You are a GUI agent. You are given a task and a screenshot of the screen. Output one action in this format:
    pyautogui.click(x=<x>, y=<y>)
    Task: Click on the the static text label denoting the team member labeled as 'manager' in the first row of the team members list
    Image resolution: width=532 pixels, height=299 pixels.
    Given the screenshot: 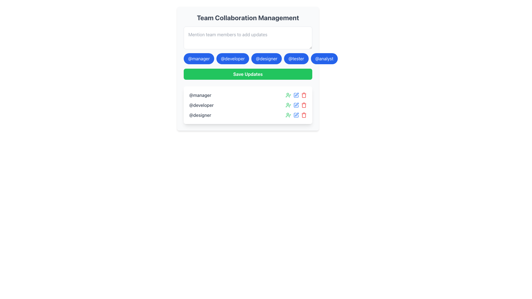 What is the action you would take?
    pyautogui.click(x=200, y=95)
    